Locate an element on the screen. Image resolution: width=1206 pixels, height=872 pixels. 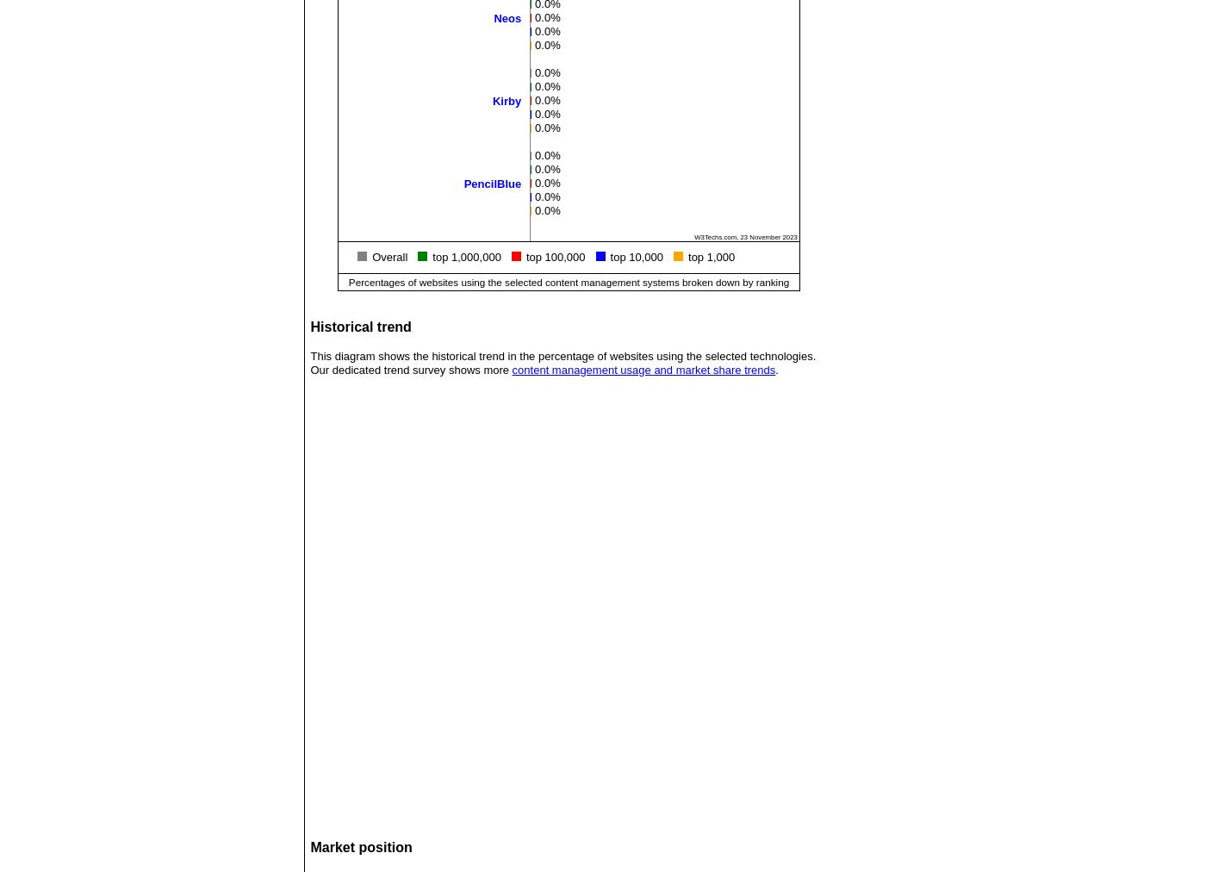
'.' is located at coordinates (776, 370).